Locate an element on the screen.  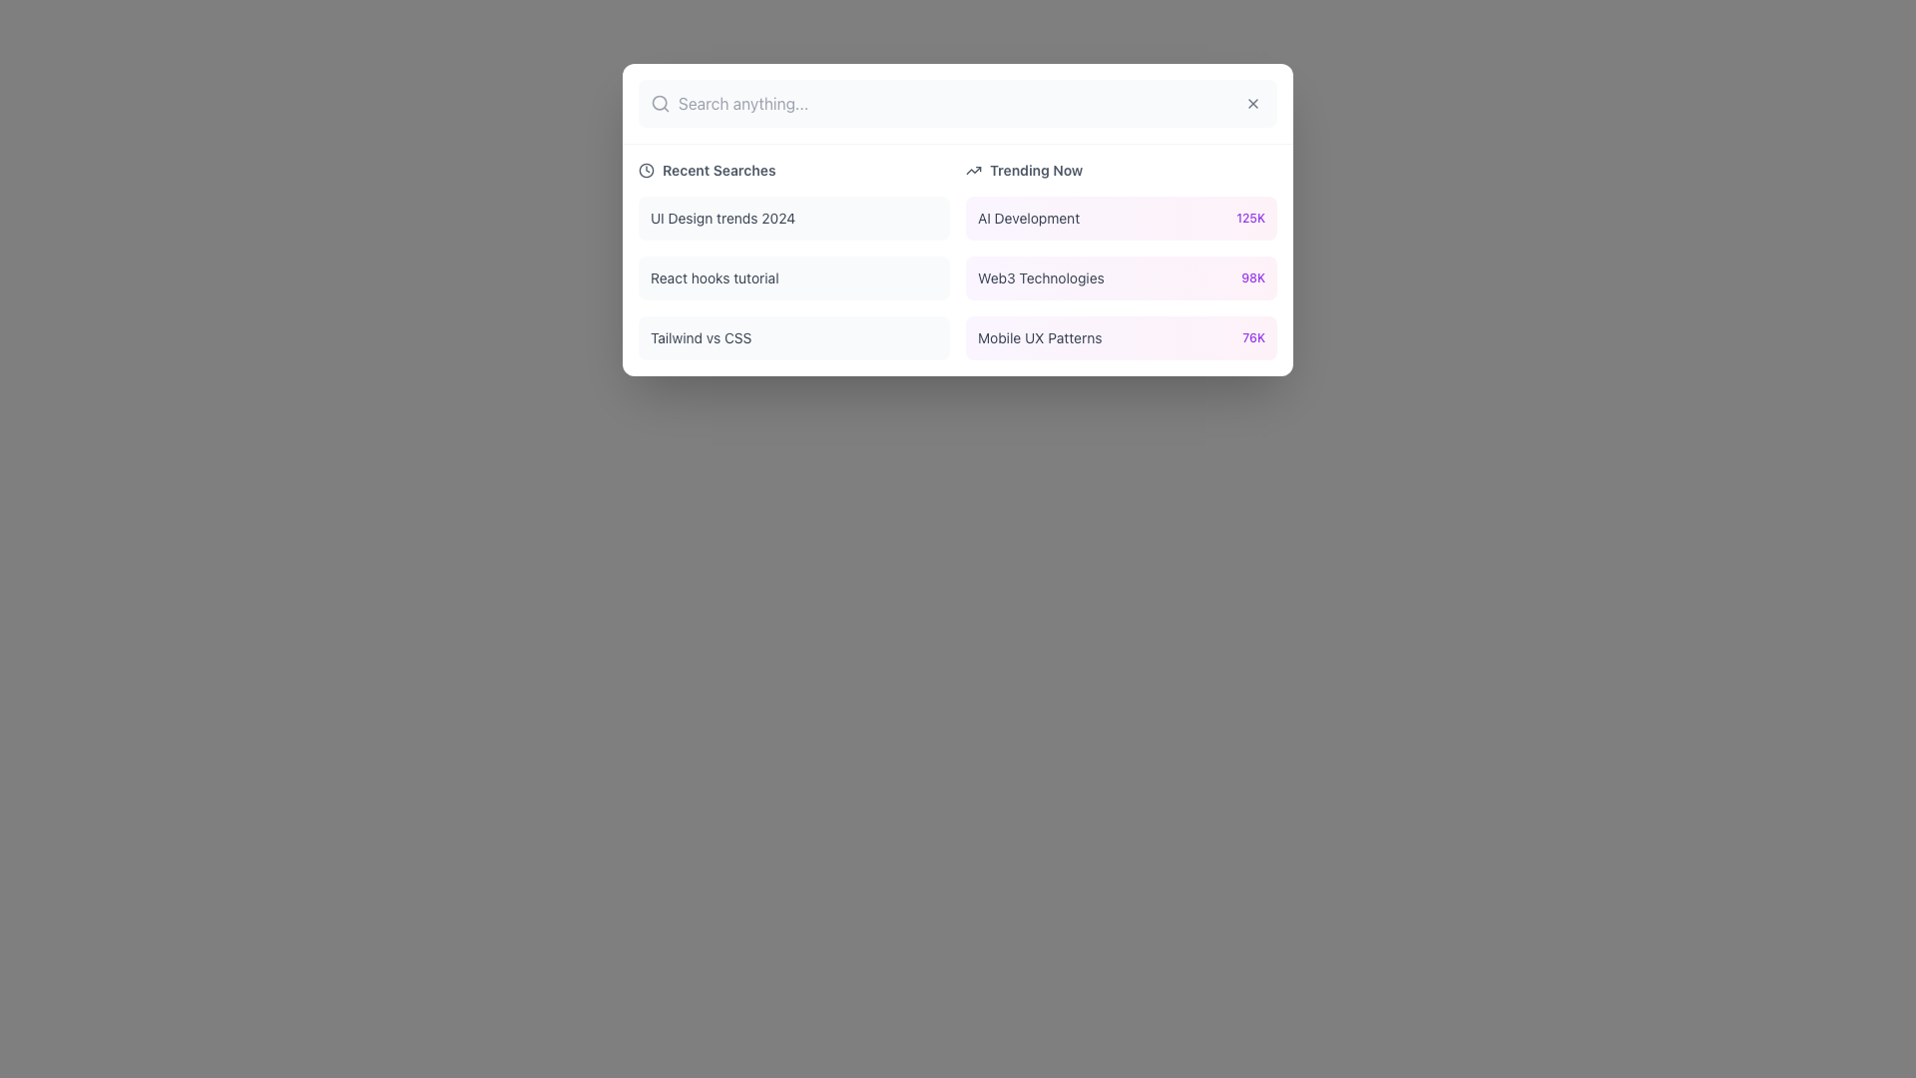
the text label for the trend 'Mobile UX Patterns' located in the 'Trending Now' section, which is positioned at the bottom-right corner of the displayed list is located at coordinates (1039, 337).